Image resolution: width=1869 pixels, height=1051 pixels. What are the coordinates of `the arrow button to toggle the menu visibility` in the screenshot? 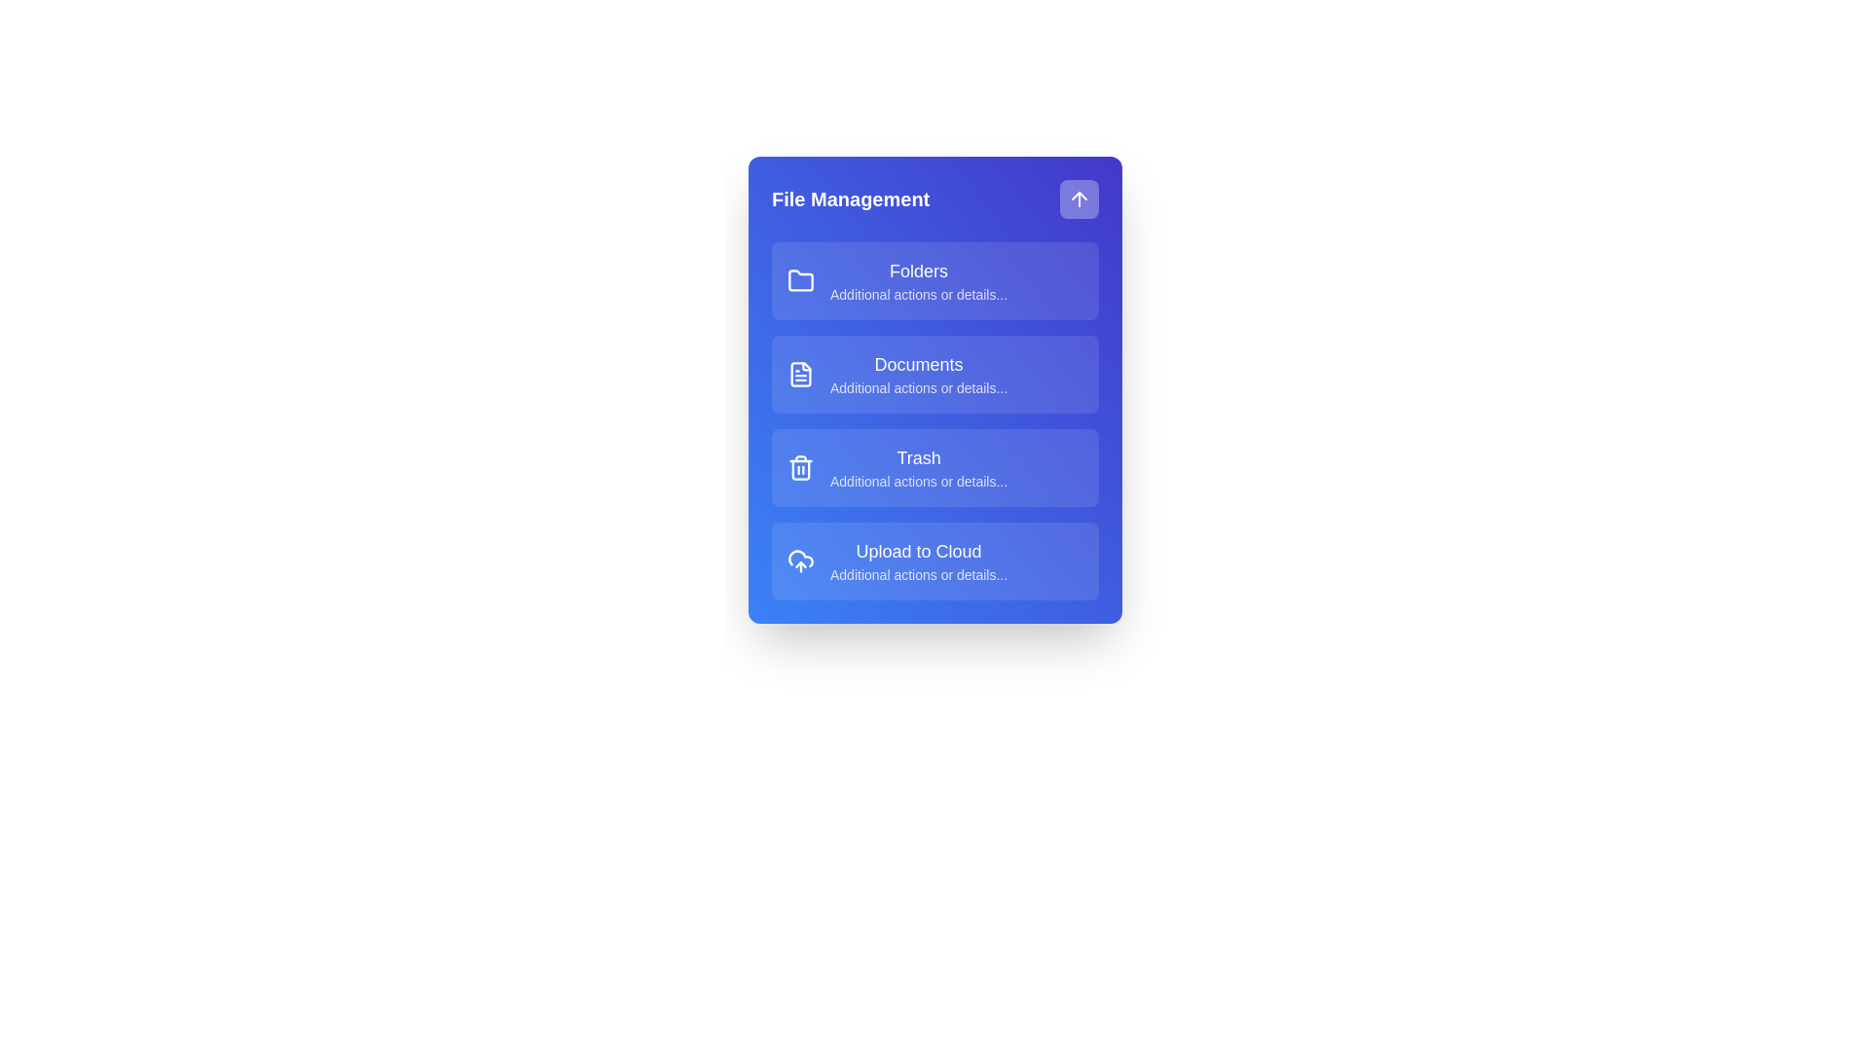 It's located at (1078, 199).